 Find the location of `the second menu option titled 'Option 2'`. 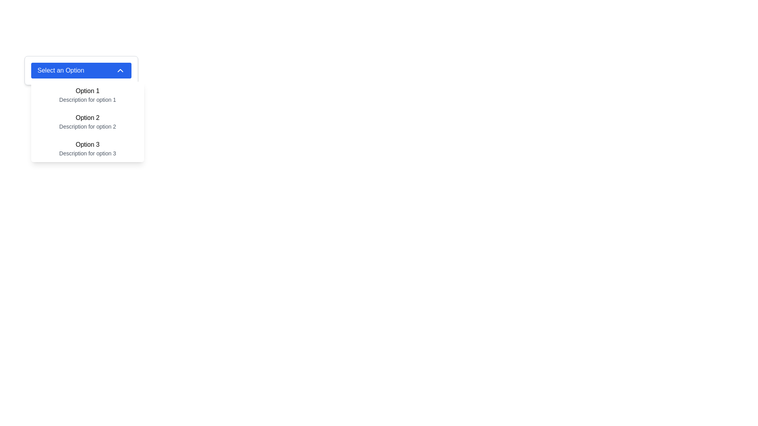

the second menu option titled 'Option 2' is located at coordinates (87, 121).